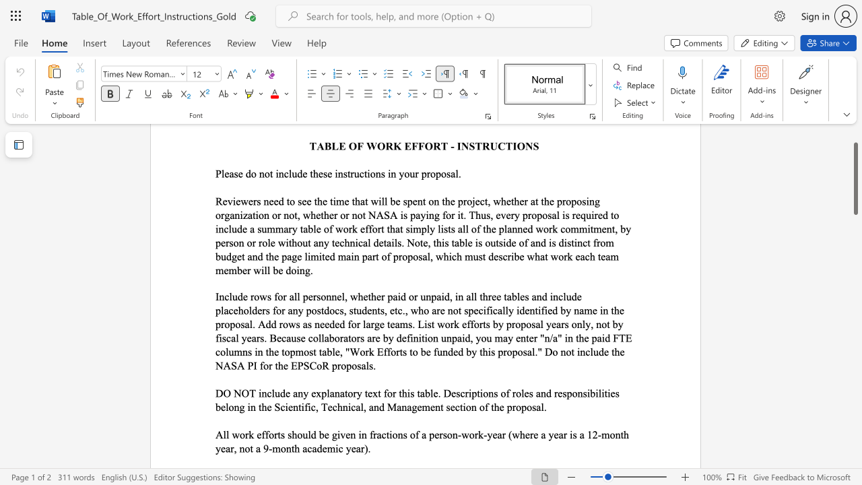 The image size is (862, 485). I want to click on the scrollbar and move up 20 pixels, so click(855, 178).